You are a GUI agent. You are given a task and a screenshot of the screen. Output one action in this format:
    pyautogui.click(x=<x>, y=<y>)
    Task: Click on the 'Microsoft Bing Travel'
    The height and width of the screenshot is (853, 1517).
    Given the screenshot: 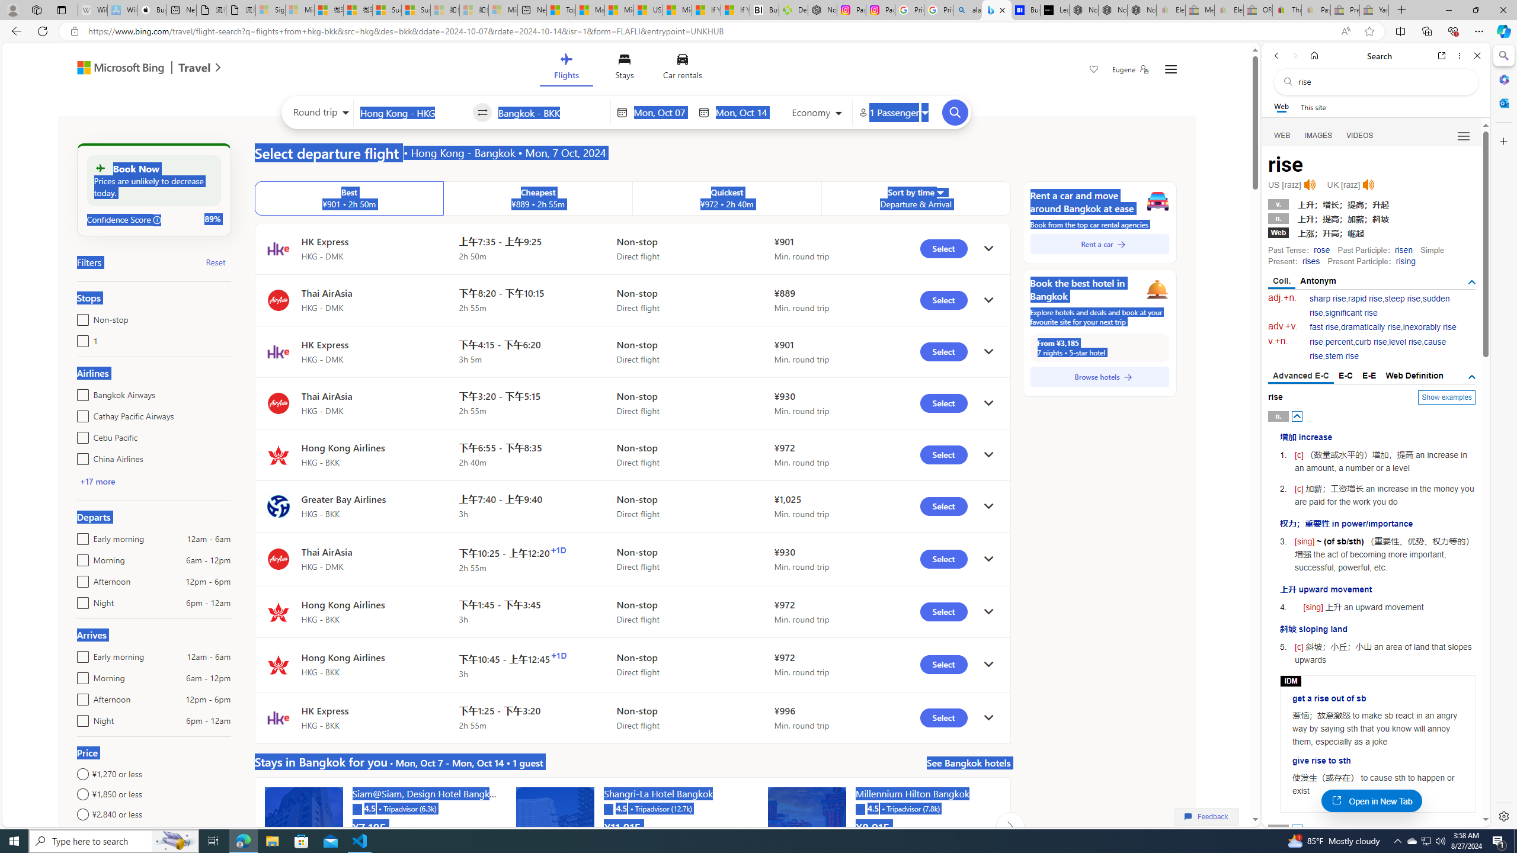 What is the action you would take?
    pyautogui.click(x=136, y=68)
    